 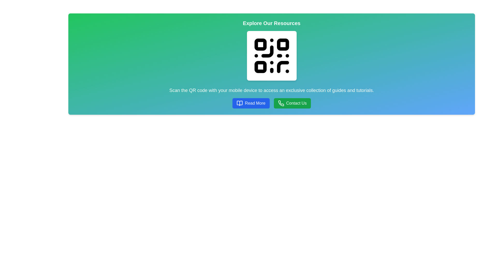 I want to click on the phone icon, which is styled in a clean, thin-line design and located on a green circular surface within the 'Contact Us' button at the bottom-right section of the page, so click(x=281, y=103).